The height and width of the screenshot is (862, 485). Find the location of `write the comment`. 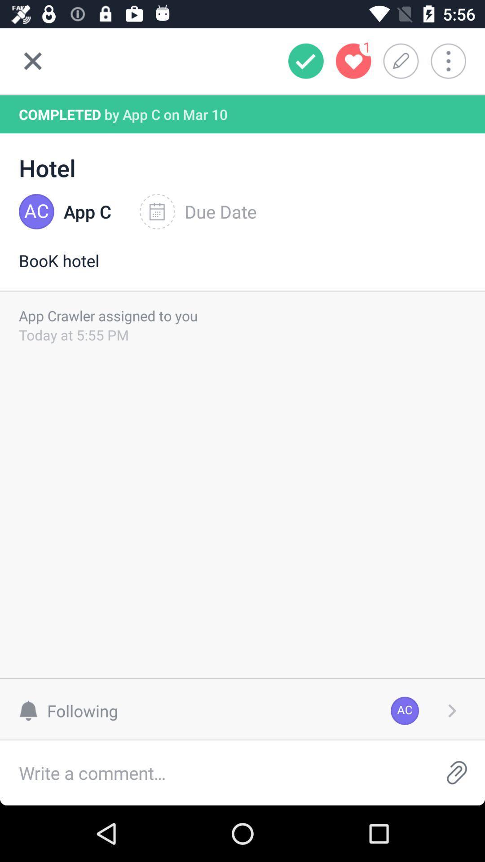

write the comment is located at coordinates (214, 772).